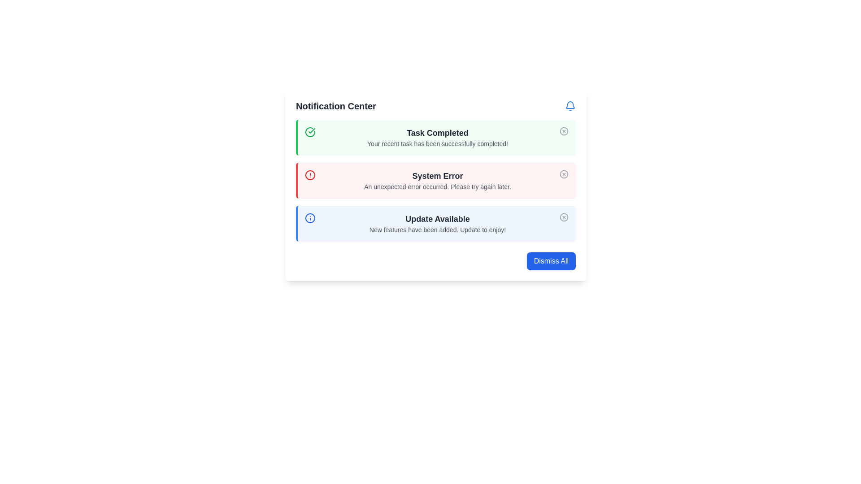 The width and height of the screenshot is (861, 484). Describe the element at coordinates (437, 143) in the screenshot. I see `the descriptive text element that informs the user about the successful completion of their recent task, located below the main heading 'Task Completed' within the green notification box` at that location.